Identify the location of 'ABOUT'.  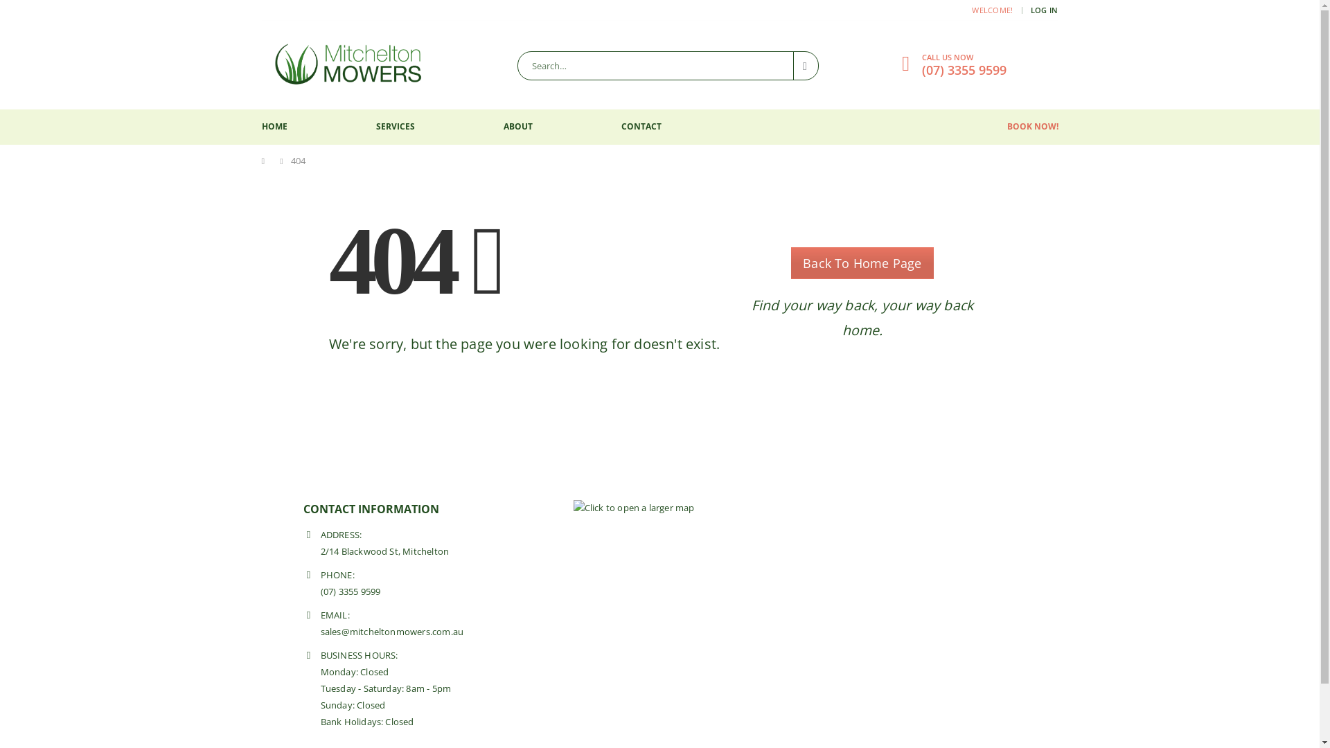
(517, 127).